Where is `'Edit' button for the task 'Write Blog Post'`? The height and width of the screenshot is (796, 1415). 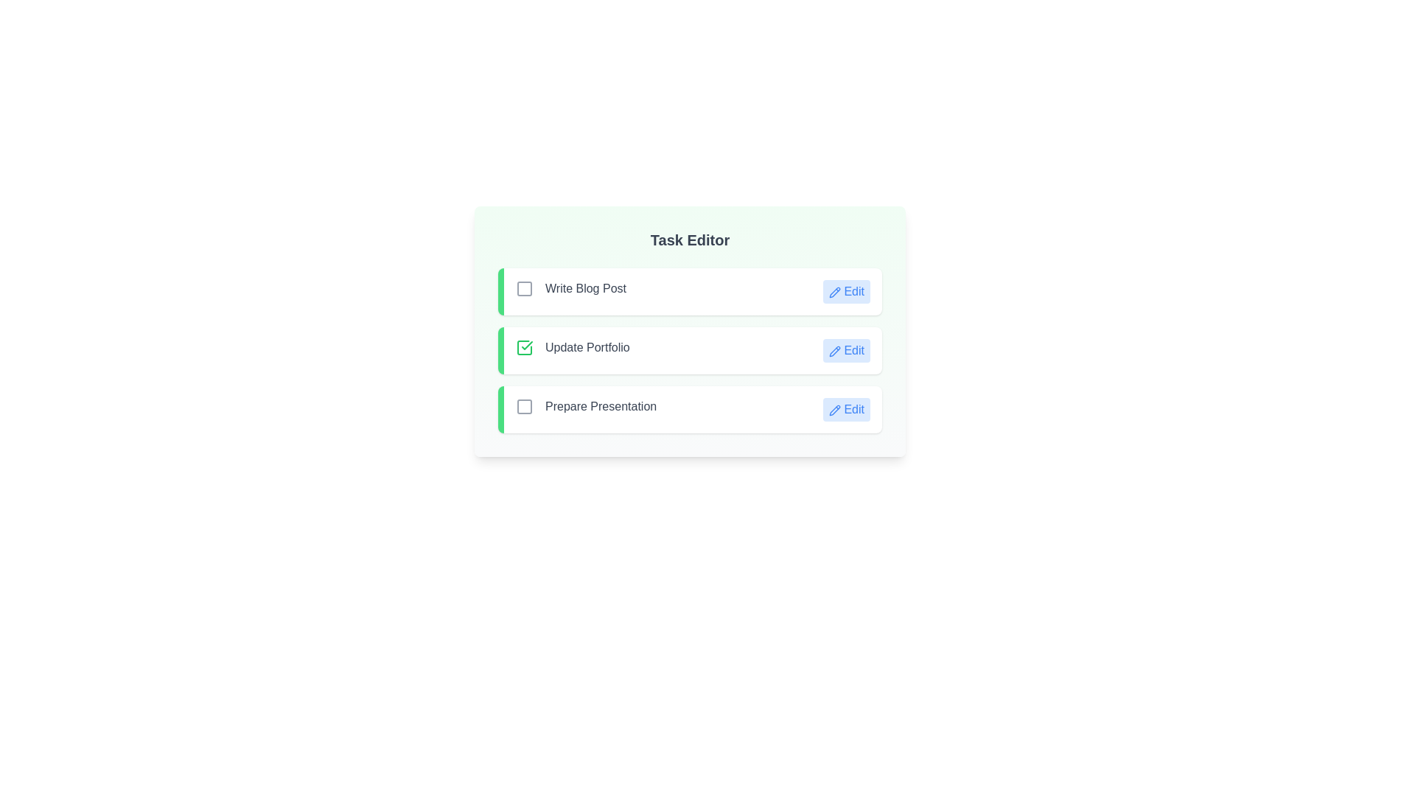 'Edit' button for the task 'Write Blog Post' is located at coordinates (846, 292).